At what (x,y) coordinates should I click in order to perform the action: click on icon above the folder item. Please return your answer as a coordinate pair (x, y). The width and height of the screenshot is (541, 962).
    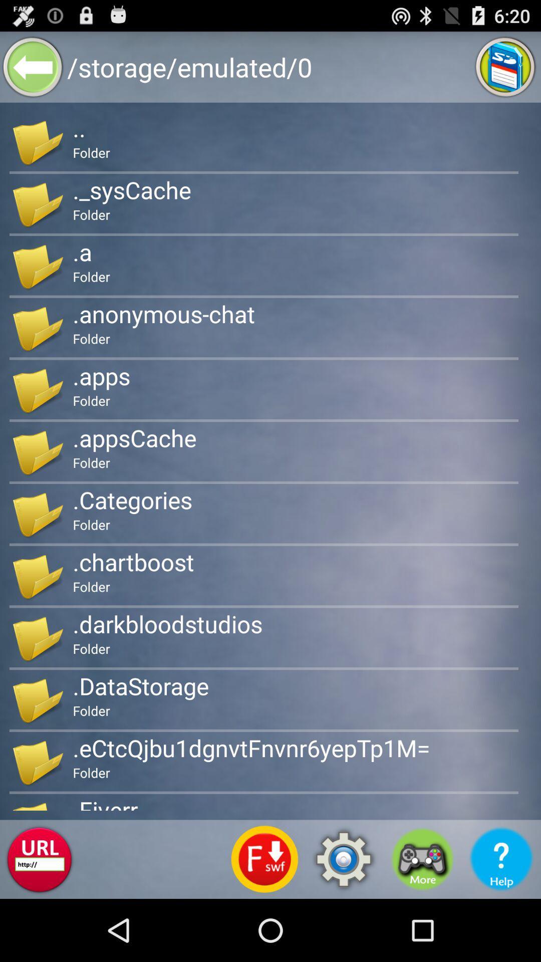
    Looking at the image, I should click on (134, 438).